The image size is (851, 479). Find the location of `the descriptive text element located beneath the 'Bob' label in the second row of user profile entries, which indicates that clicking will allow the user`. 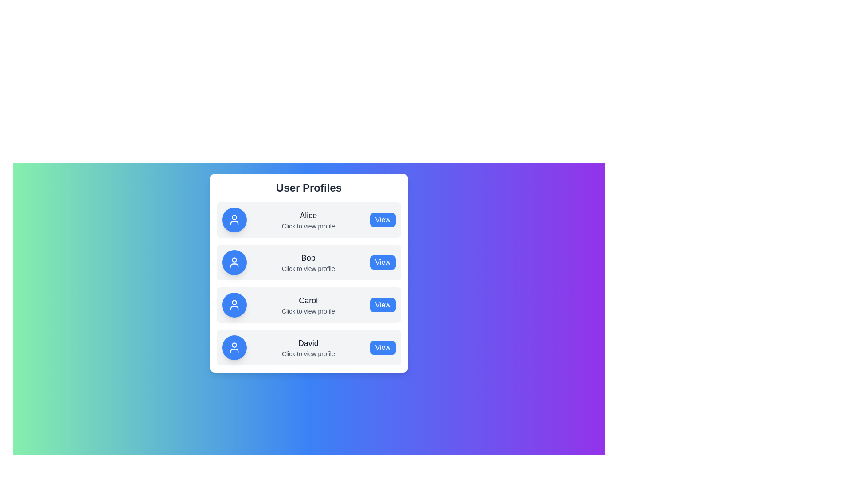

the descriptive text element located beneath the 'Bob' label in the second row of user profile entries, which indicates that clicking will allow the user is located at coordinates (308, 268).